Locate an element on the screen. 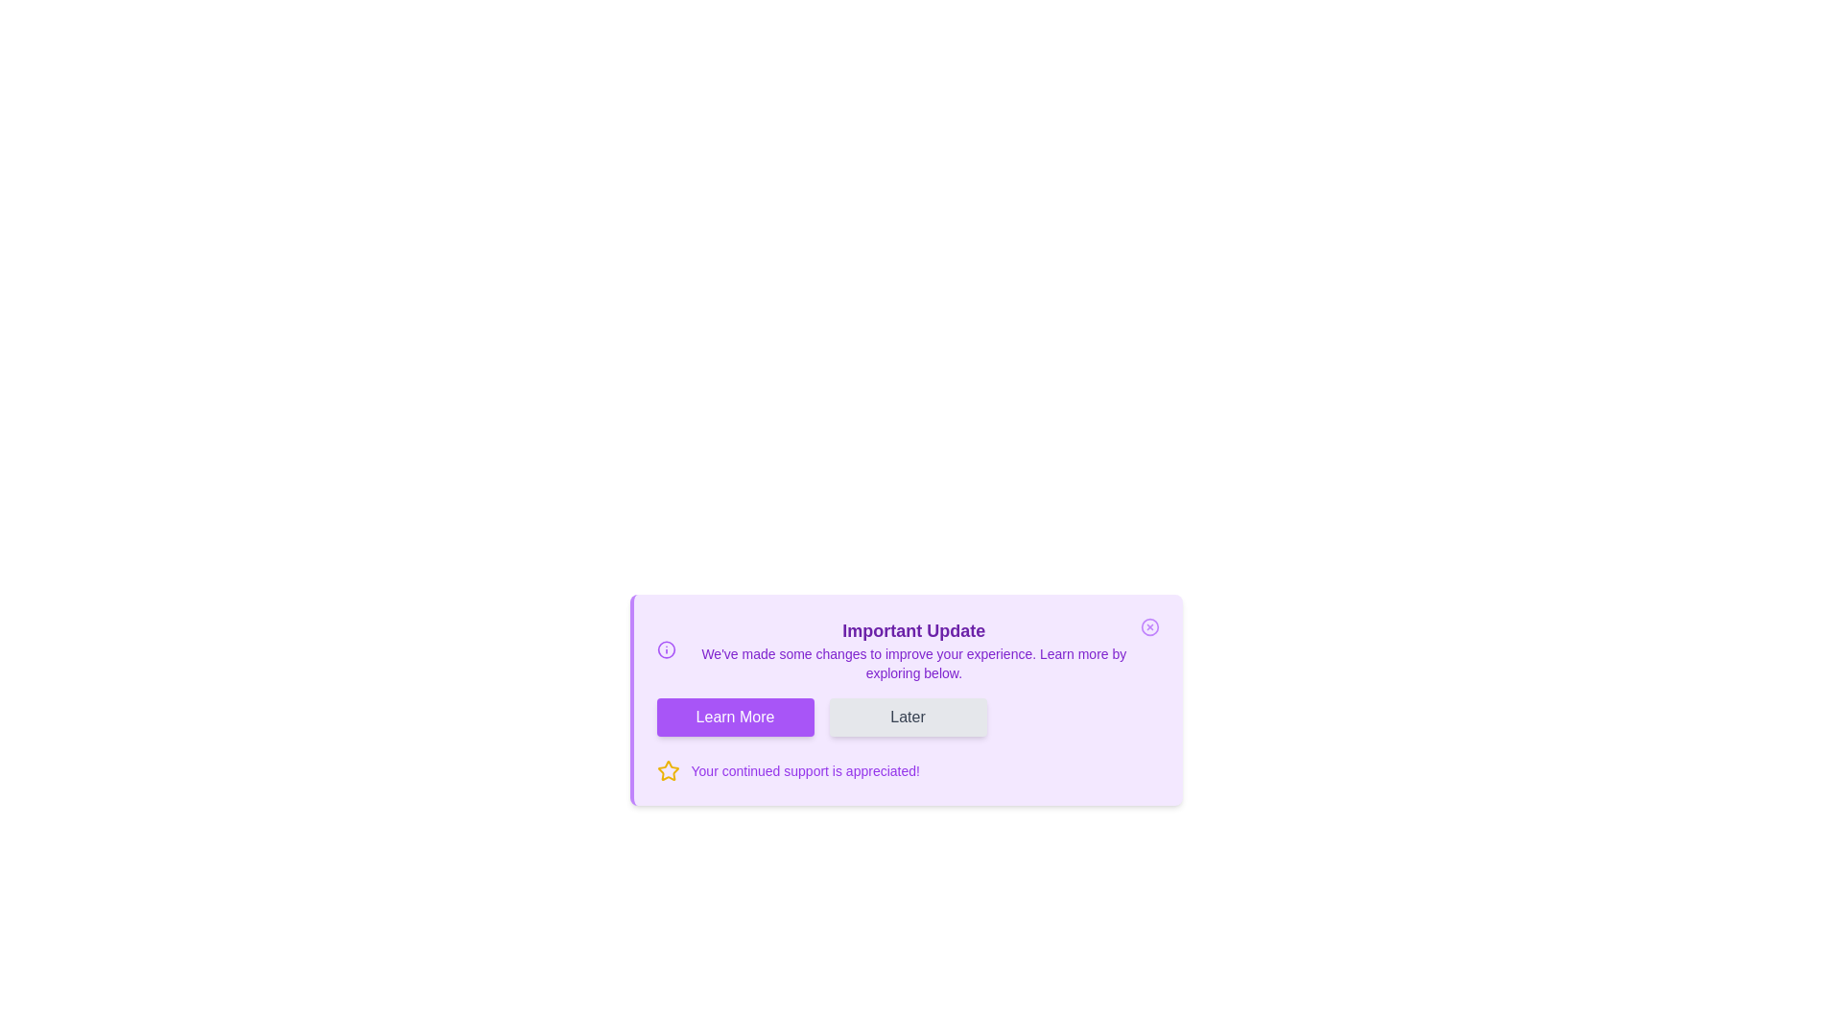  the Later button to observe its hover effect is located at coordinates (907, 718).